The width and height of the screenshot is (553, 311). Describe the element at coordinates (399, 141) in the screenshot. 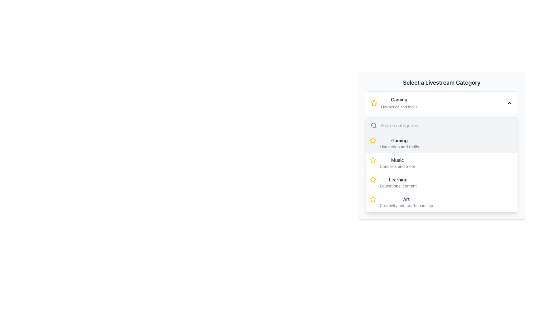

I see `the 'Gaming' text label in the 'Select a Livestream Category' panel` at that location.